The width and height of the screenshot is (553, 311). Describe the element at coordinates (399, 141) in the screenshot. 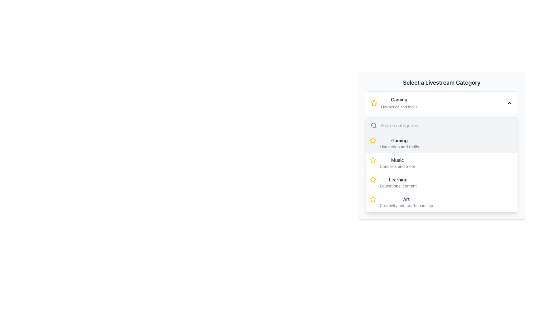

I see `the 'Gaming' text label in the 'Select a Livestream Category' panel` at that location.